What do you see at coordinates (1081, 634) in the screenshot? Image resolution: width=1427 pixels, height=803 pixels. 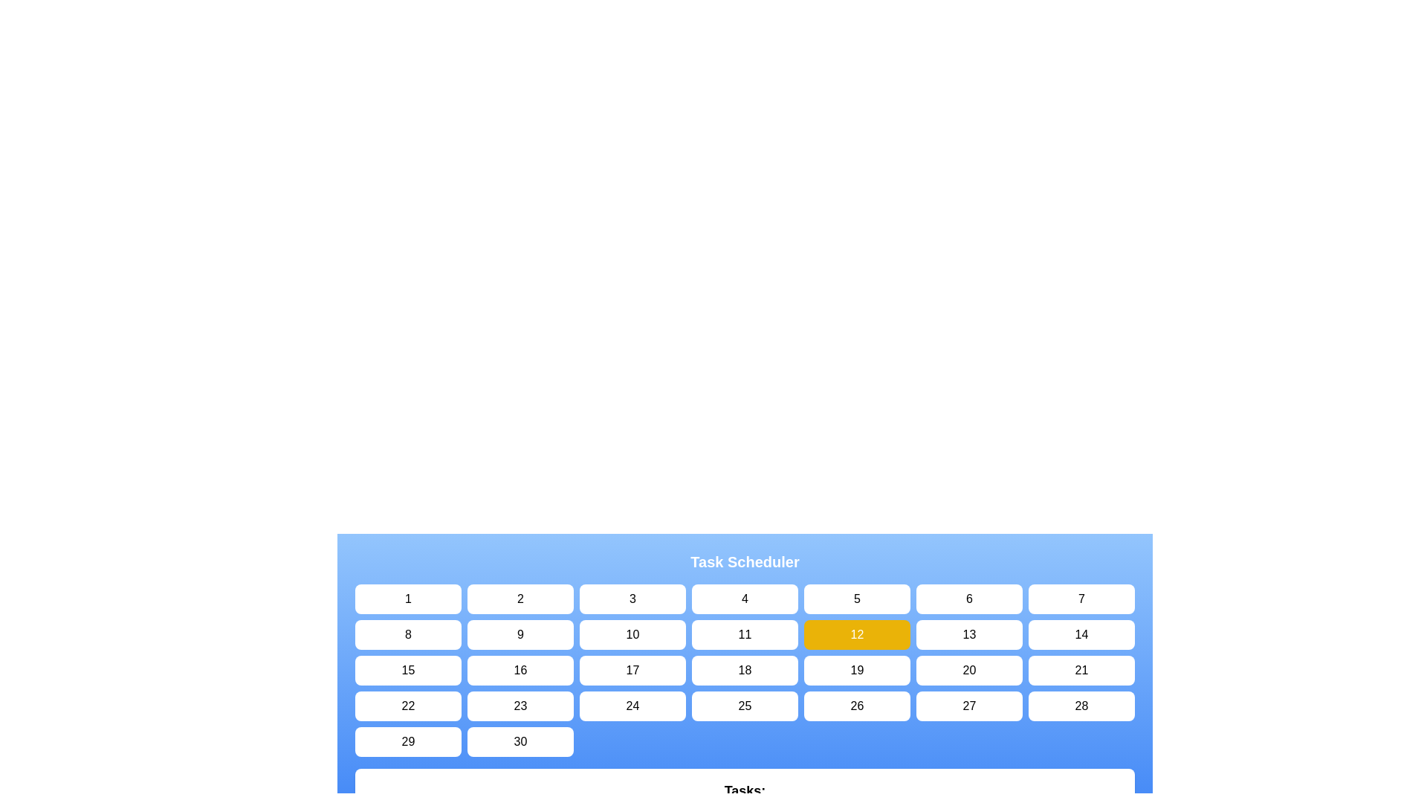 I see `the button representing the day '14' in the calendar grid` at bounding box center [1081, 634].